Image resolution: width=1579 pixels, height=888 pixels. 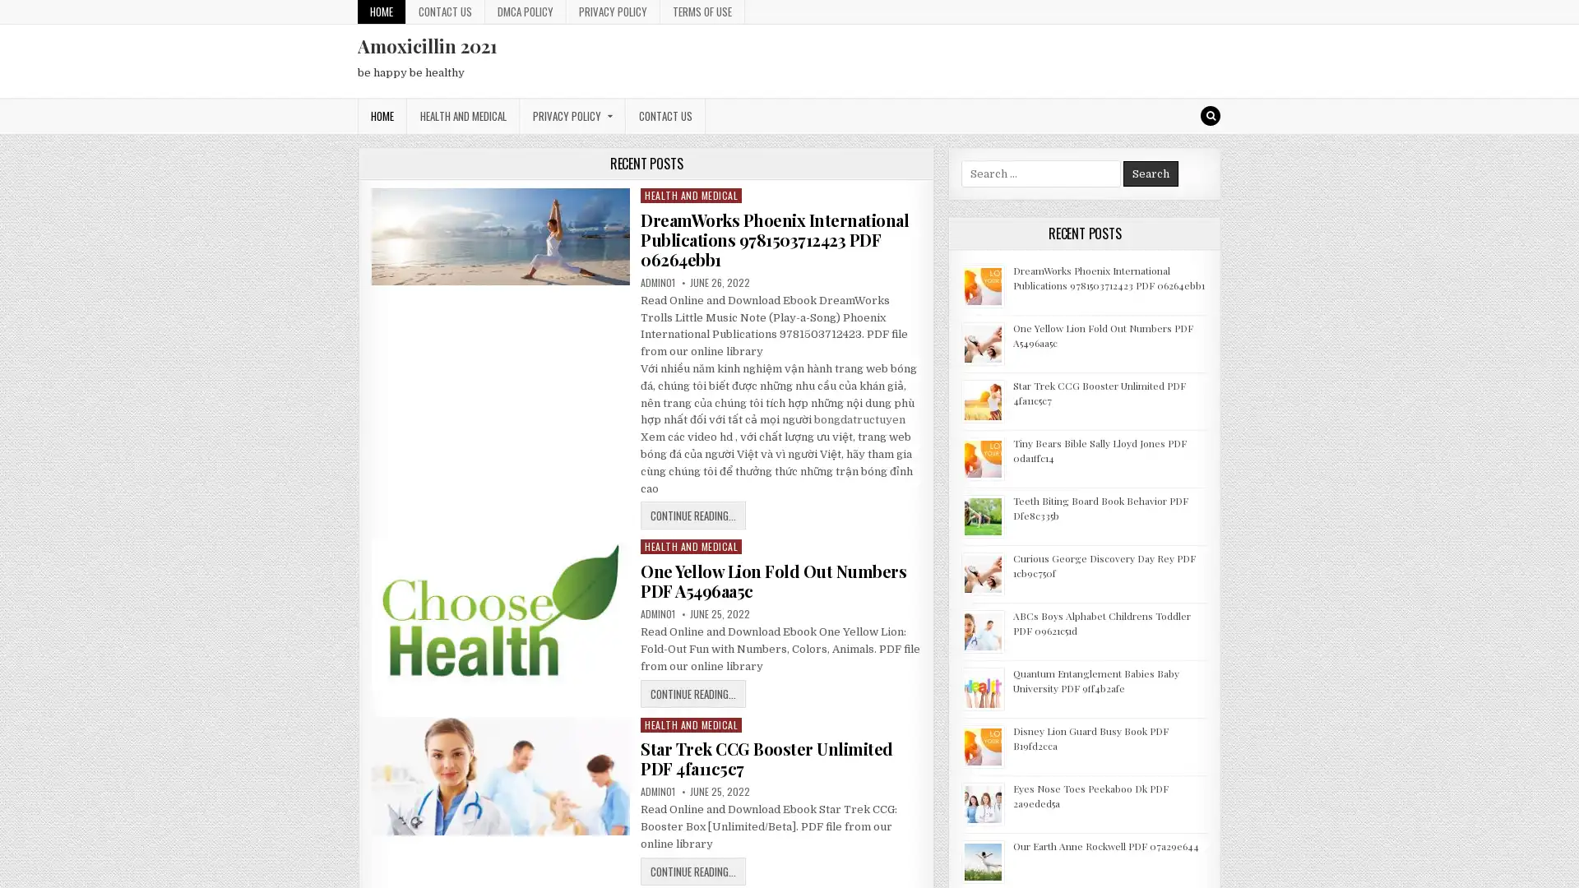 I want to click on Search, so click(x=1150, y=173).